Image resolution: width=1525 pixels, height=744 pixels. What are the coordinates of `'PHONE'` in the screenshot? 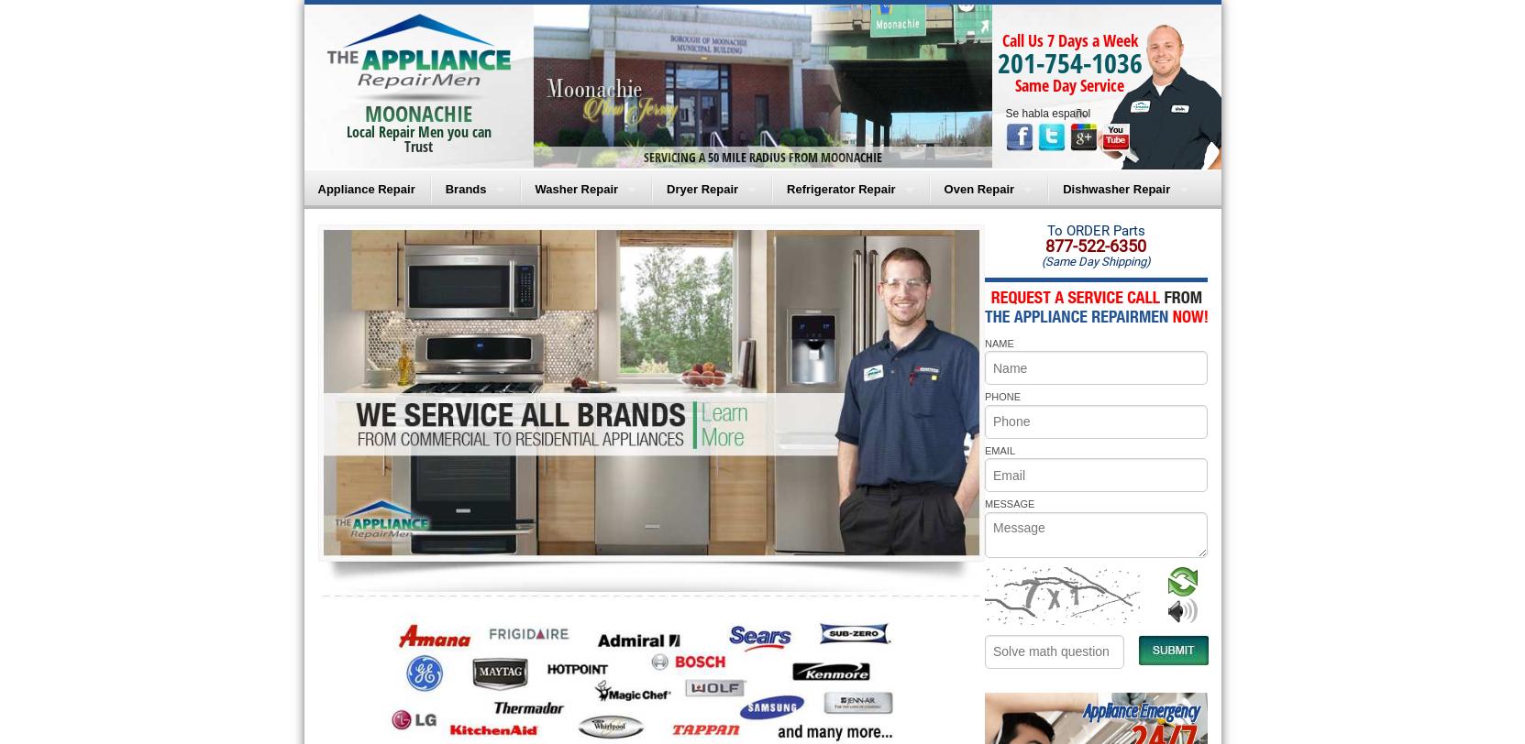 It's located at (1001, 397).